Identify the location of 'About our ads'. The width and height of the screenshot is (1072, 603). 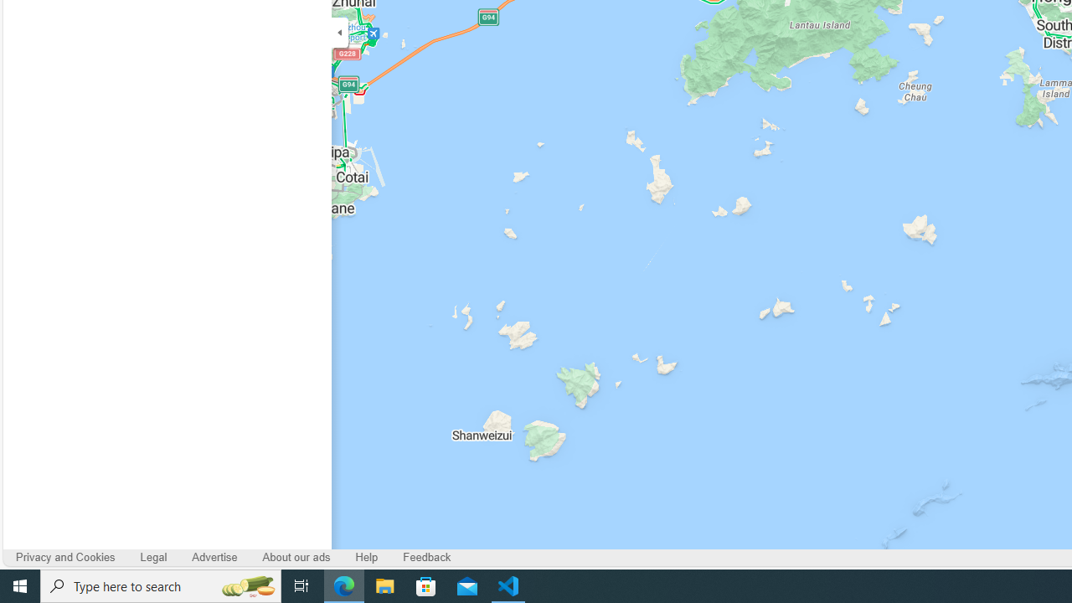
(296, 558).